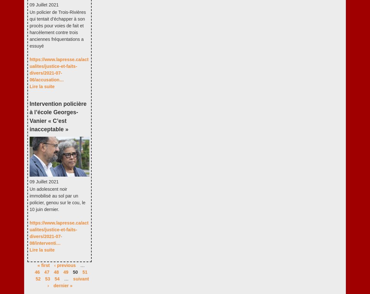 The height and width of the screenshot is (294, 370). I want to click on 'dernier »', so click(62, 285).